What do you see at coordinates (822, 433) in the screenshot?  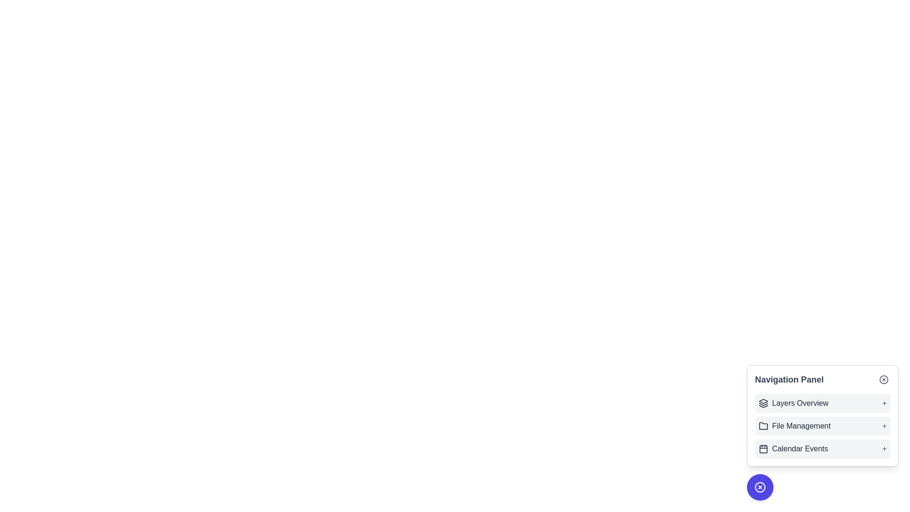 I see `the interactive text label 'File Management' located in the Navigation Panel` at bounding box center [822, 433].